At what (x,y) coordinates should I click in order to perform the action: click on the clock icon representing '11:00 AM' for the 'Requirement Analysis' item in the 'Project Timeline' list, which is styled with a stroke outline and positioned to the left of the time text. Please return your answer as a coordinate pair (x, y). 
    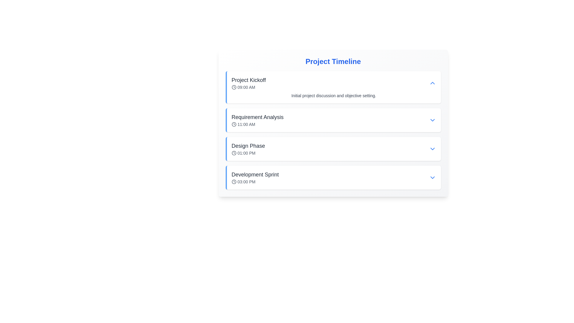
    Looking at the image, I should click on (233, 124).